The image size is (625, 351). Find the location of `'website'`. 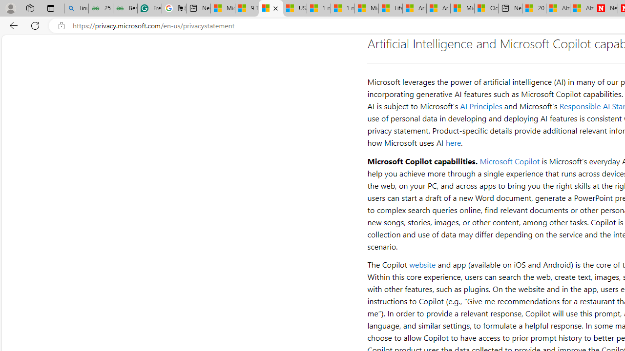

'website' is located at coordinates (422, 264).